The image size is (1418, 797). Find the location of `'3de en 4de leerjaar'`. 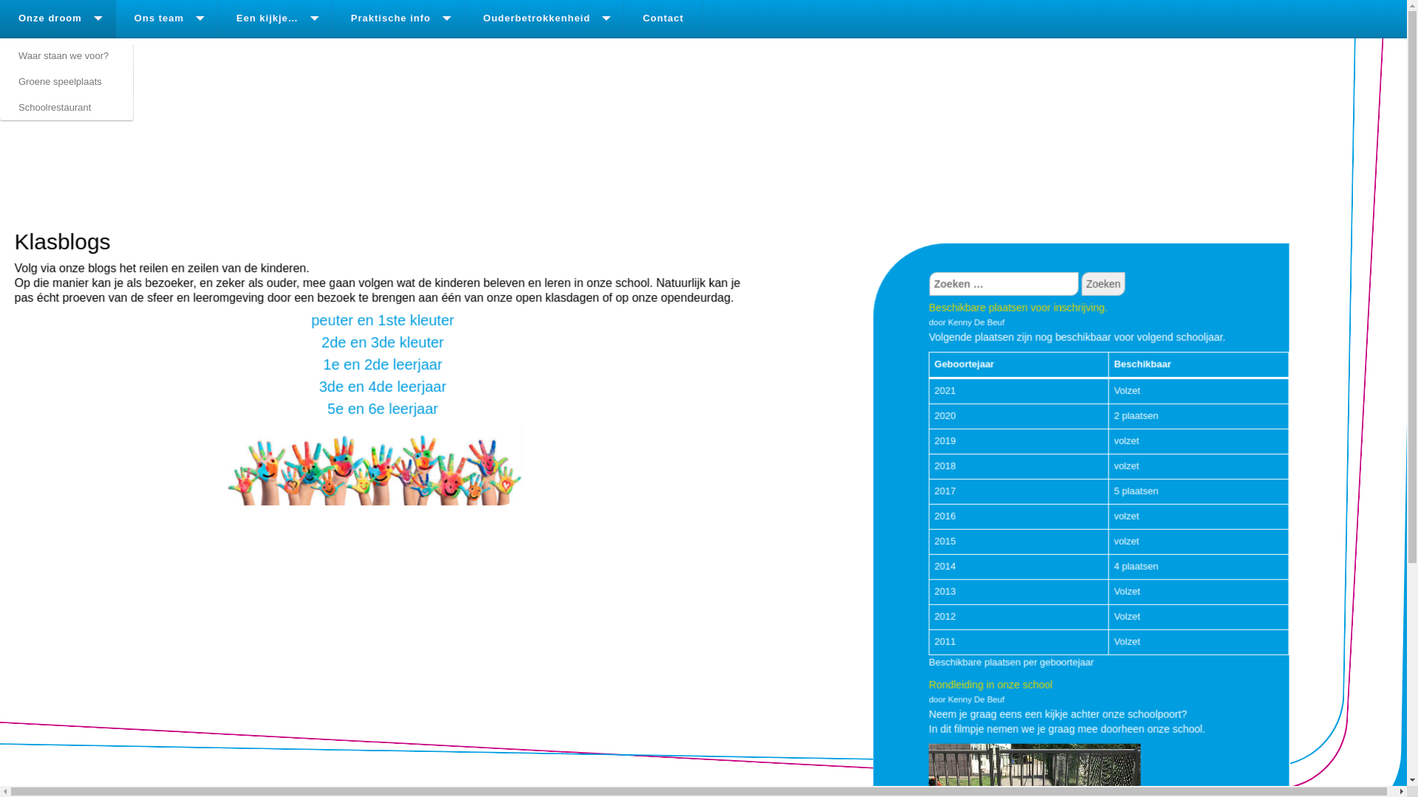

'3de en 4de leerjaar' is located at coordinates (383, 385).